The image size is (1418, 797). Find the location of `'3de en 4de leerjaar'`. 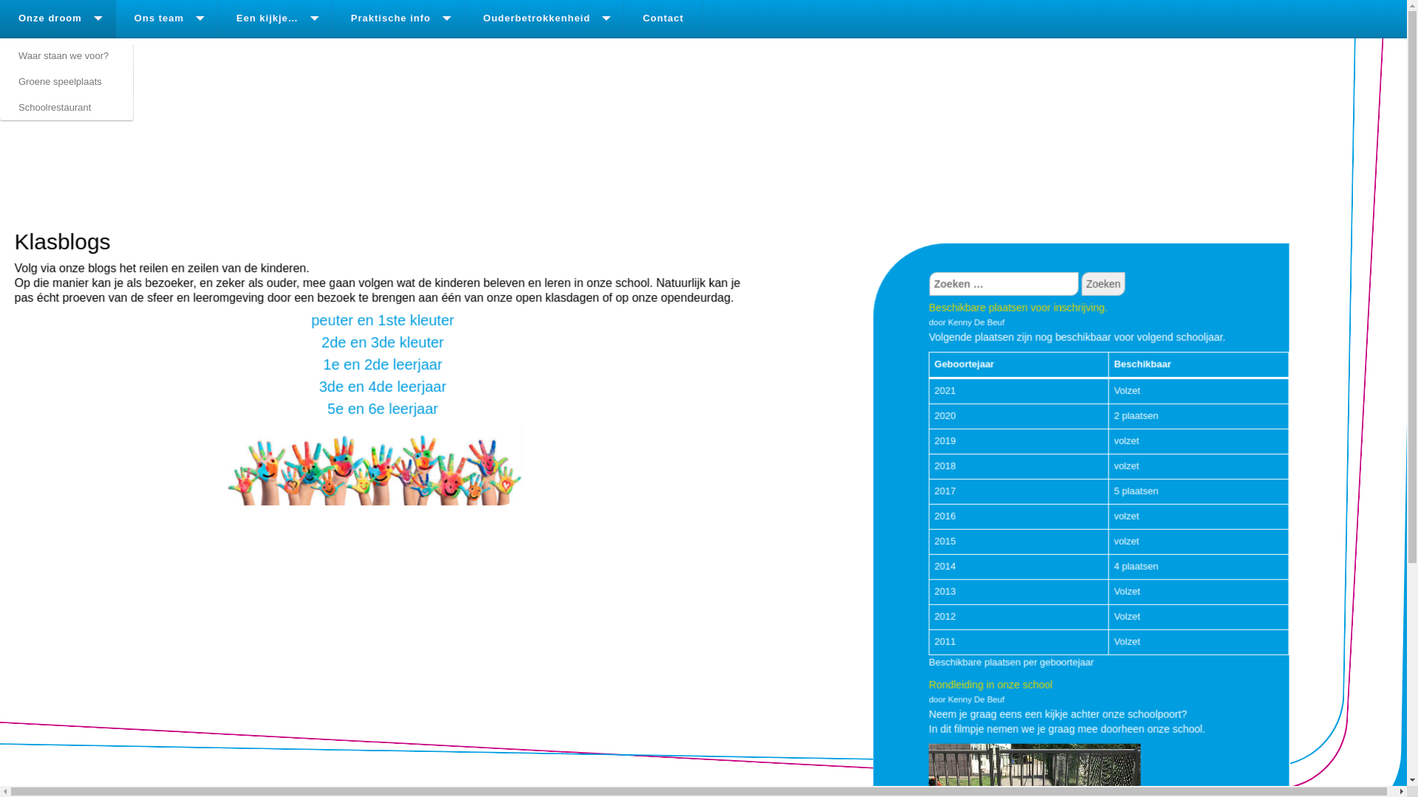

'3de en 4de leerjaar' is located at coordinates (383, 385).